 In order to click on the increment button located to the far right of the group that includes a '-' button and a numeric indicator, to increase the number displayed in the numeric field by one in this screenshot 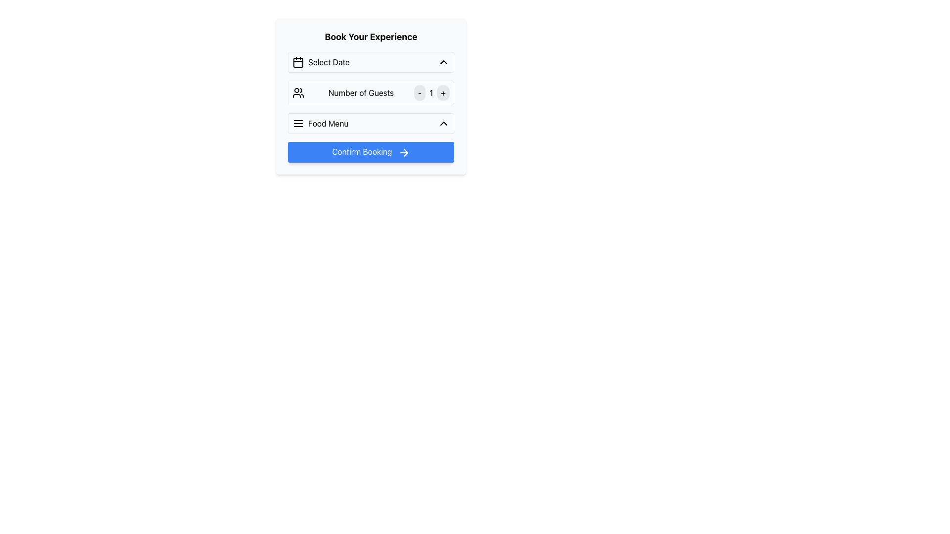, I will do `click(443, 93)`.